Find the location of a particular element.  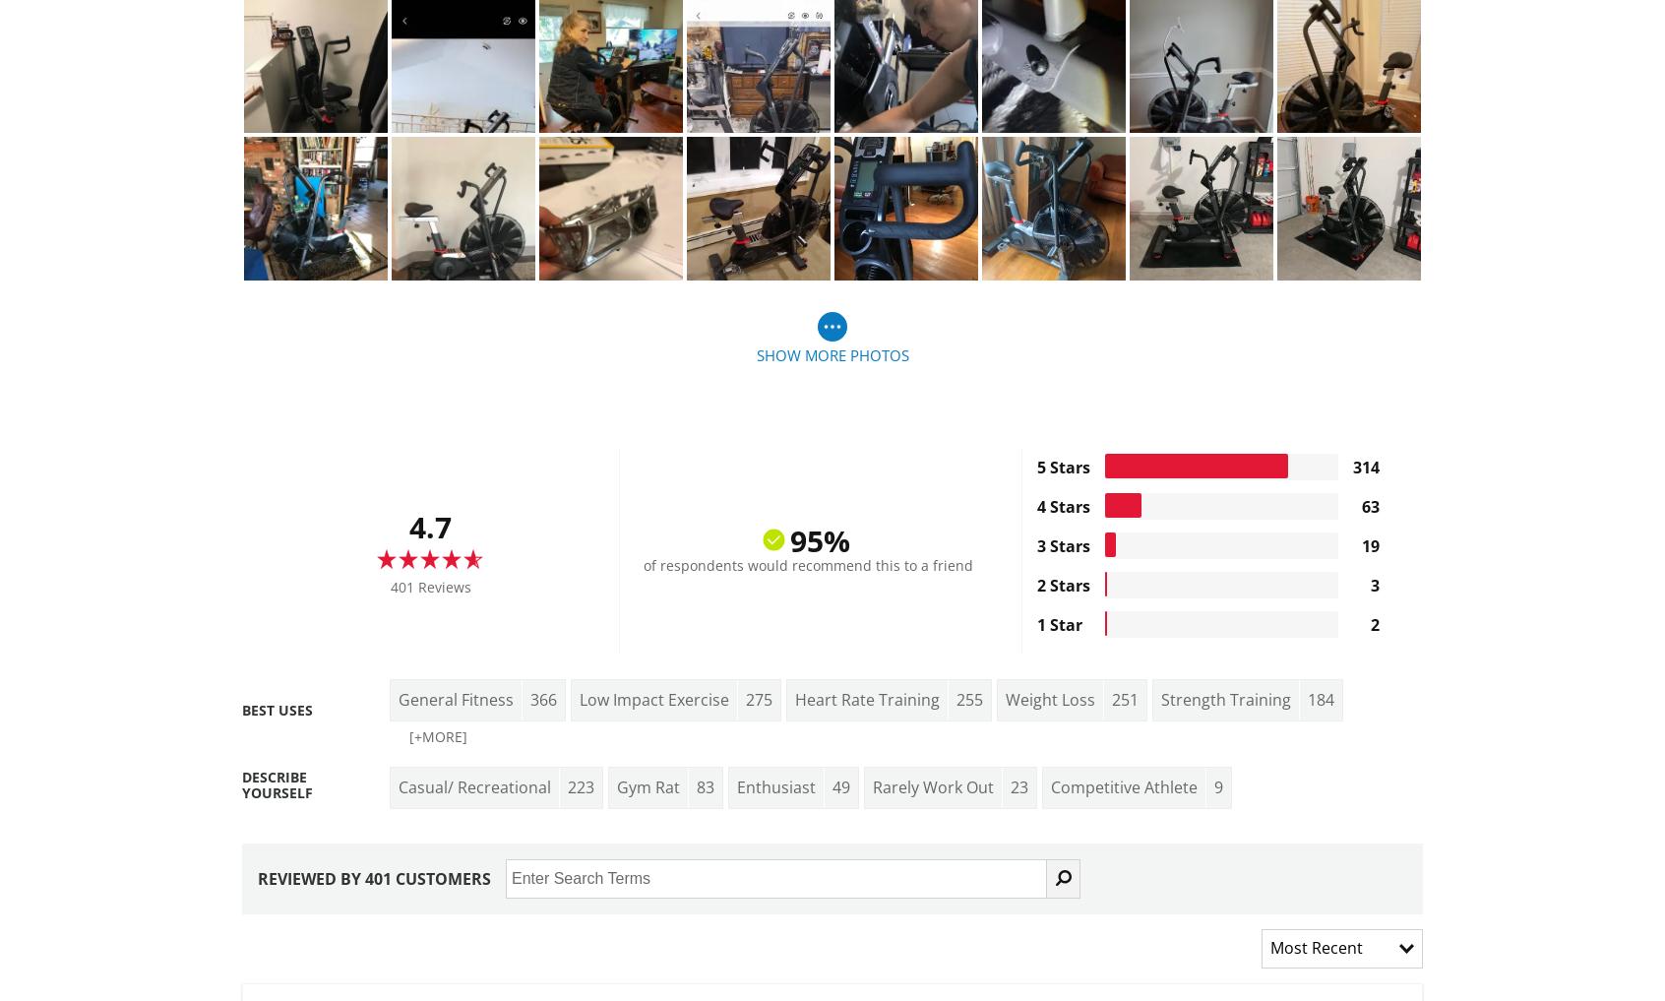

'23' is located at coordinates (1018, 784).